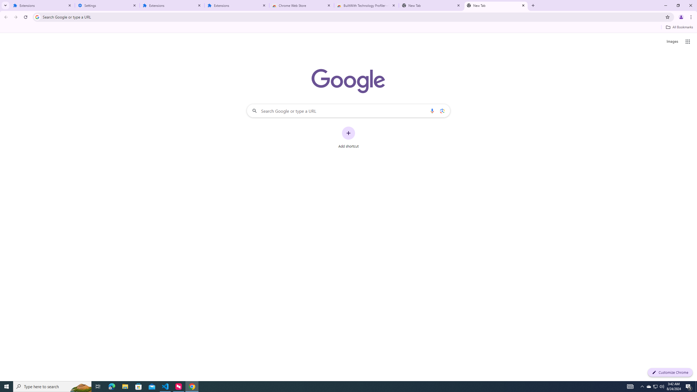  Describe the element at coordinates (107, 5) in the screenshot. I see `'Settings'` at that location.